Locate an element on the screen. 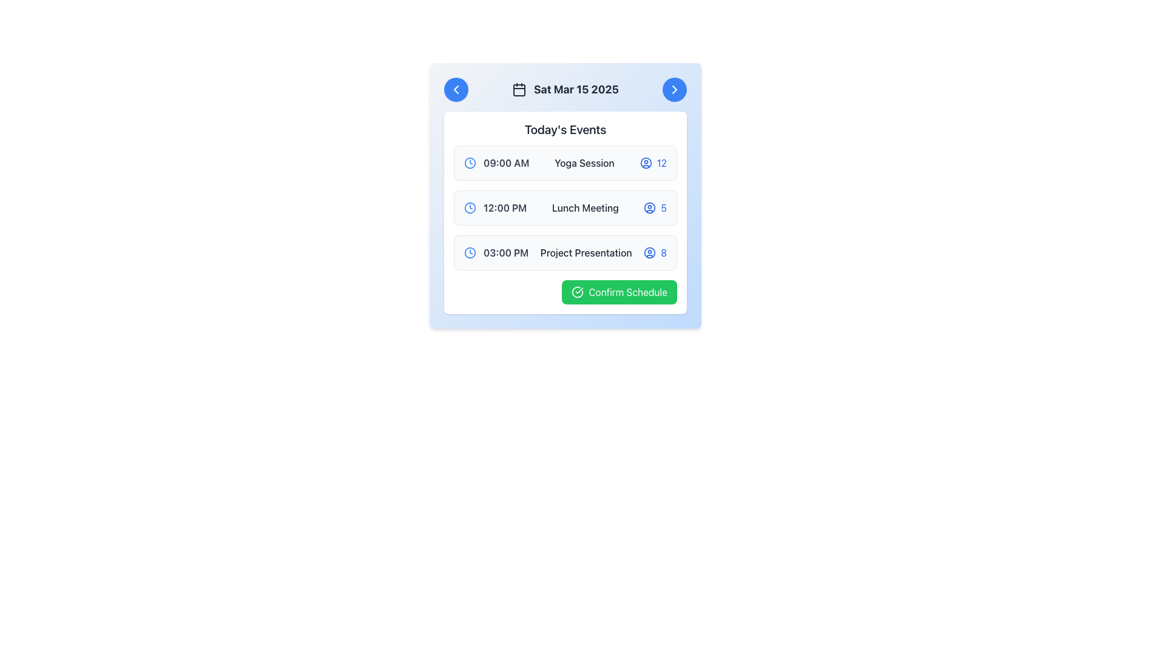  SVG icon resembling a circle with a checkmark inside it, which has a green background and symbolizes confirmation, located within the 'Confirm Schedule' button is located at coordinates (577, 292).